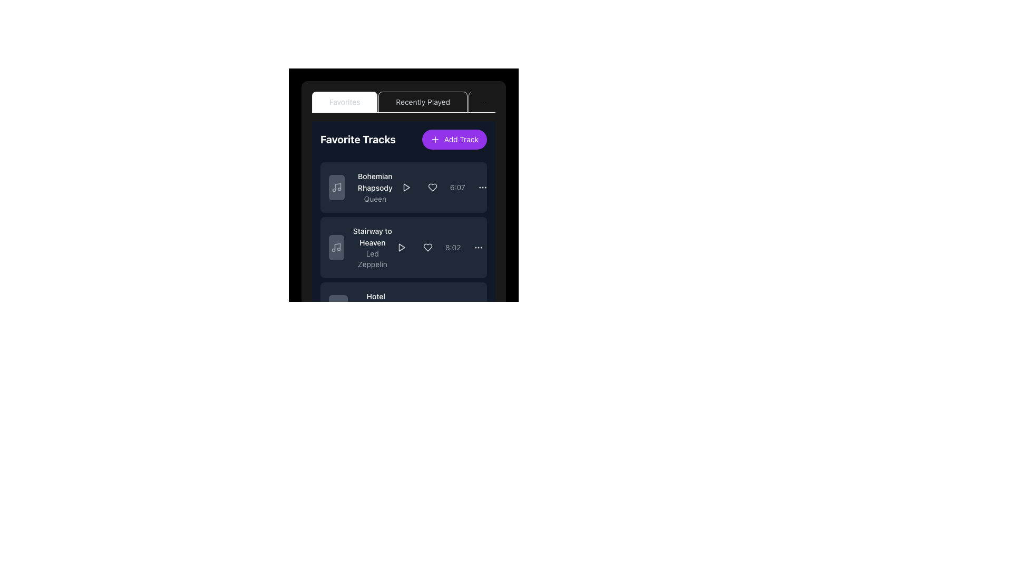  What do you see at coordinates (478, 248) in the screenshot?
I see `the circular button with an icon that triggers a contextual menu for the 'Stairway to Heaven' track, located at the far right of the row including the track details and adjacent to the playback duration '8:02'` at bounding box center [478, 248].